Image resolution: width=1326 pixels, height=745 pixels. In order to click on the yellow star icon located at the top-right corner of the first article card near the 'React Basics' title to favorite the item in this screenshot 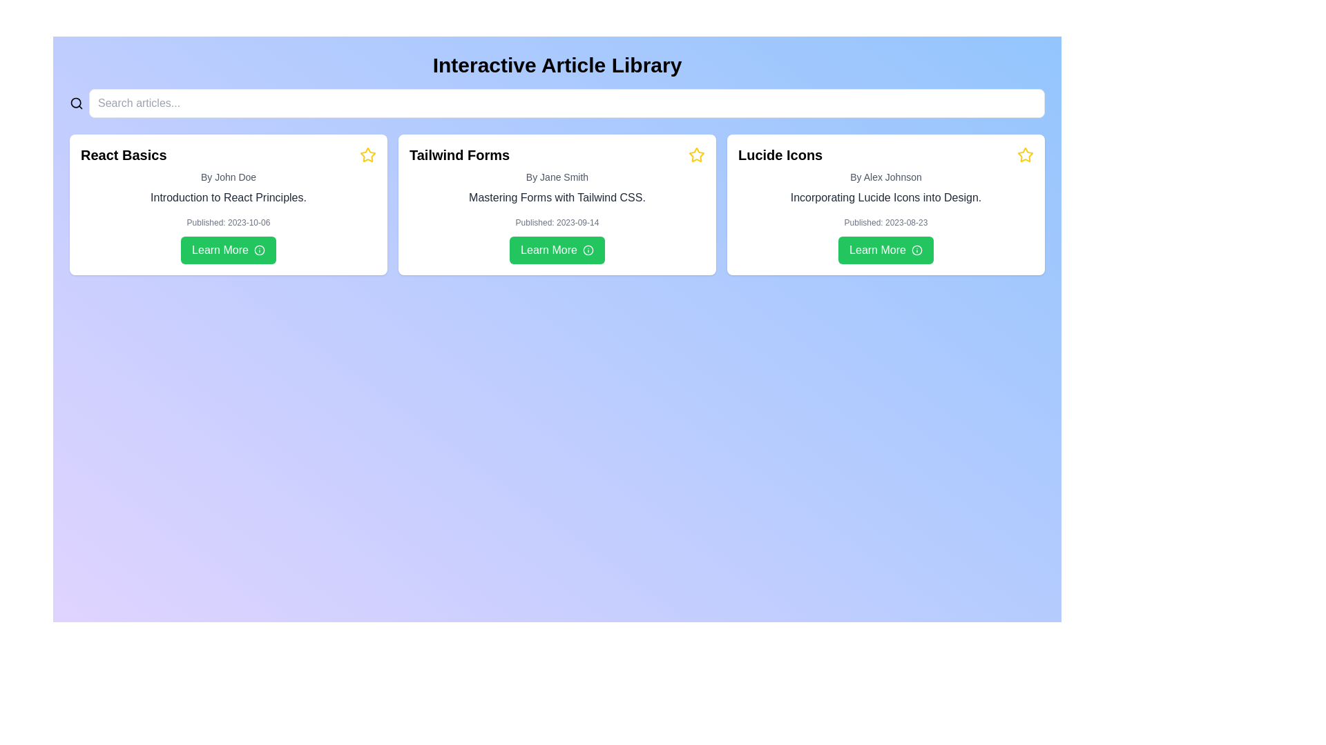, I will do `click(367, 155)`.